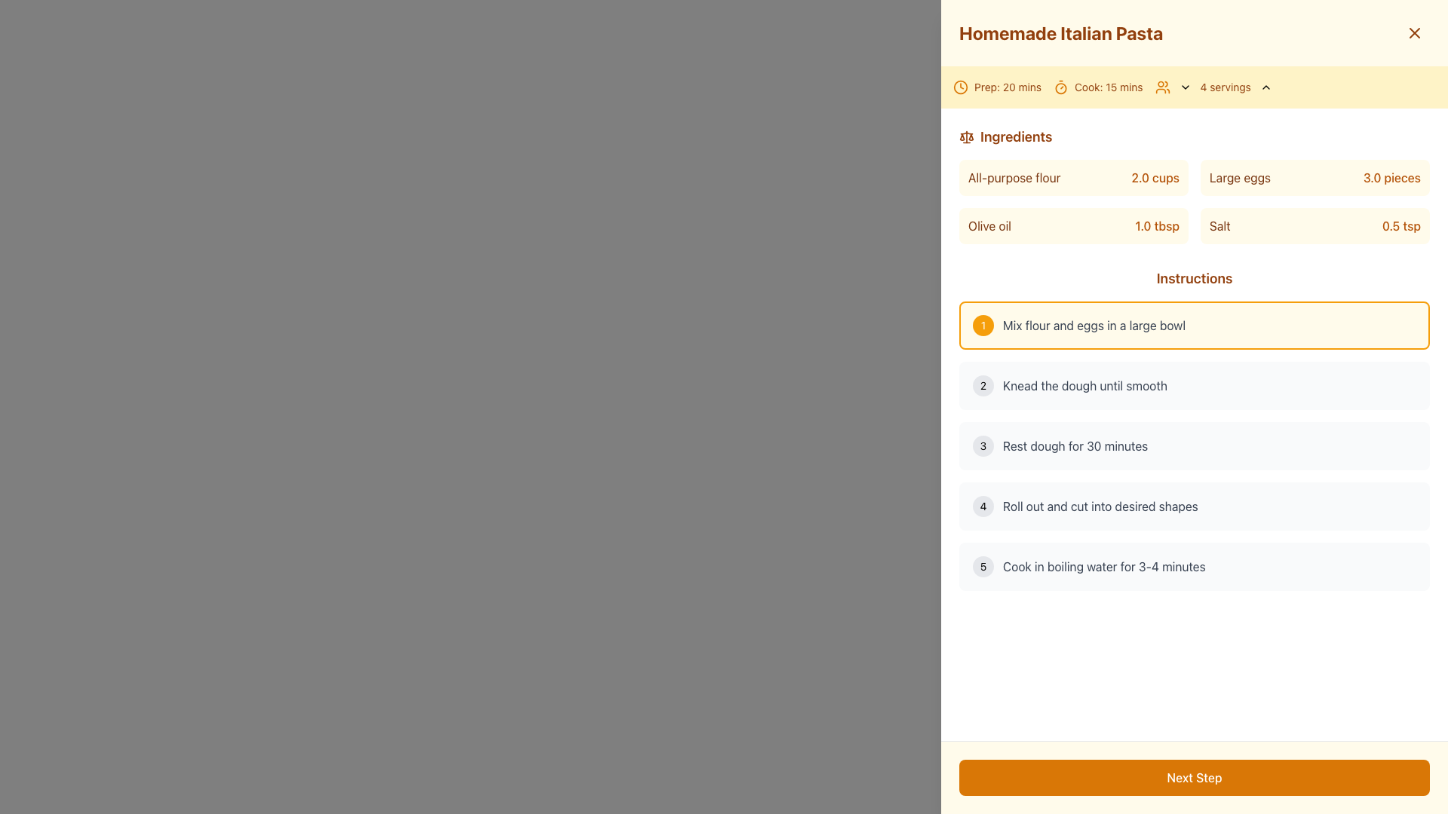 The image size is (1448, 814). Describe the element at coordinates (1060, 88) in the screenshot. I see `the central circular part of the timer icon located next to the 'Cook: 15 mins' label in the recipe description header` at that location.